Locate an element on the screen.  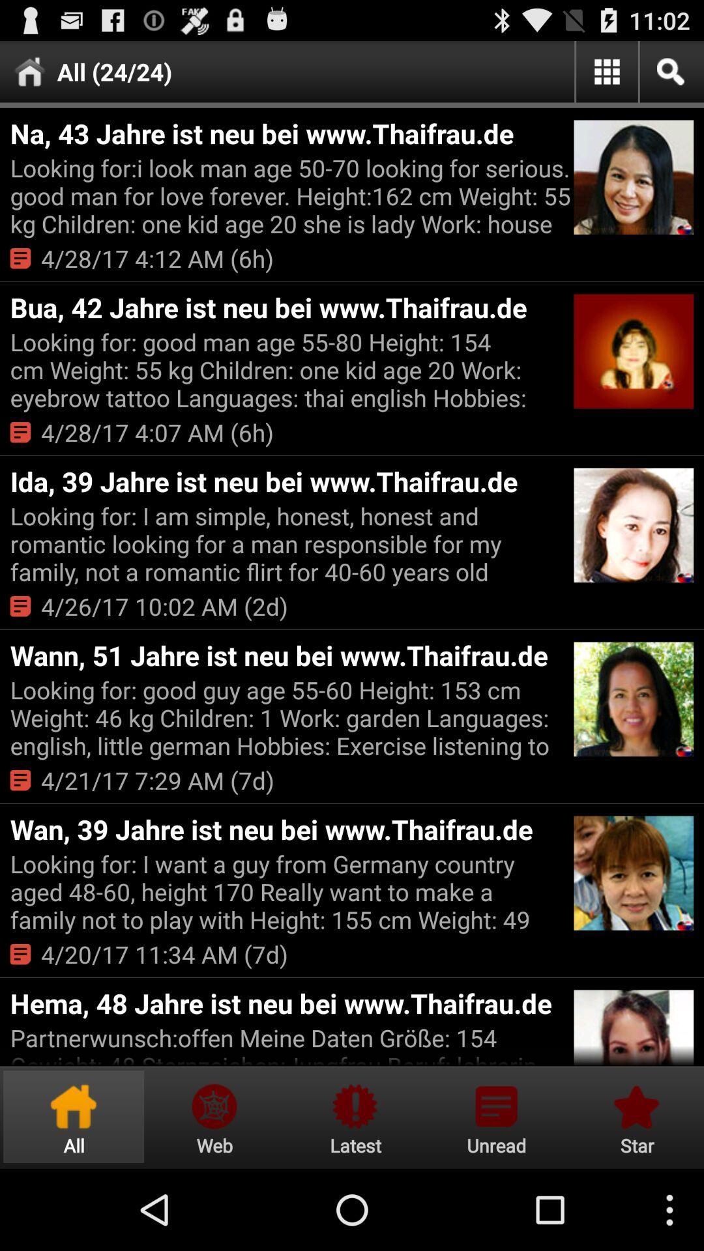
the app below the partnerwunsch offen meine icon is located at coordinates (355, 1116).